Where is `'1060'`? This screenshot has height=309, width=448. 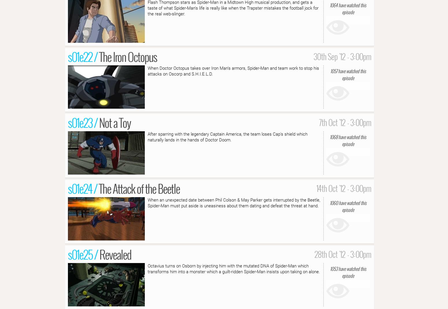
'1060' is located at coordinates (329, 202).